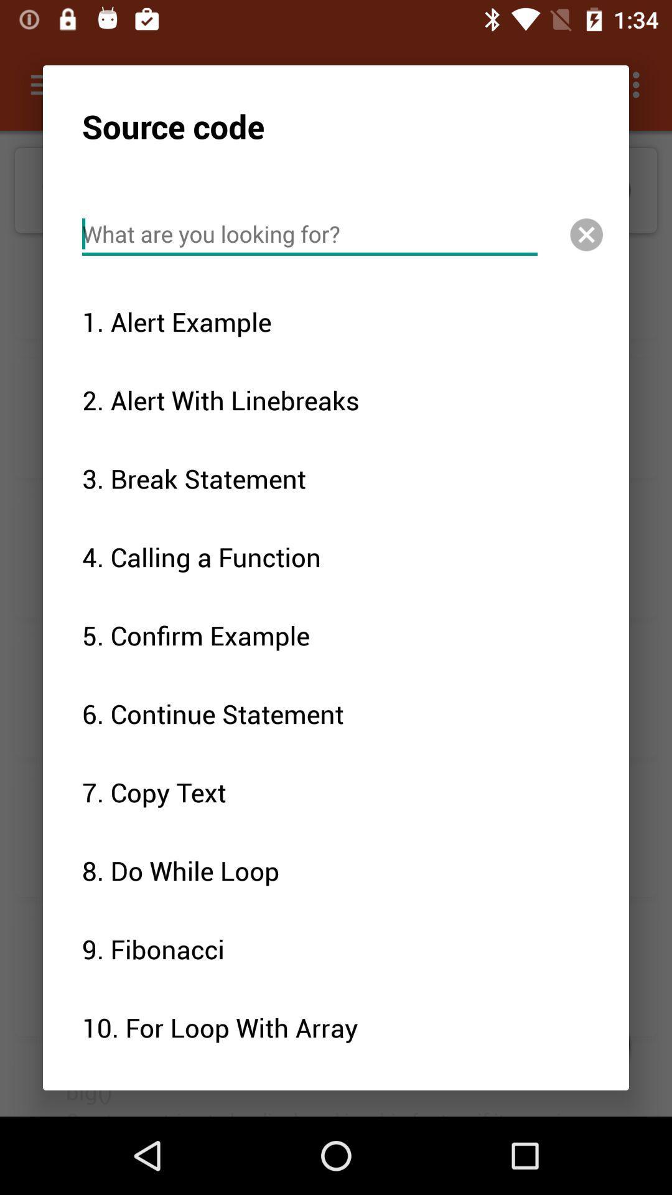  I want to click on the item below the source code icon, so click(309, 234).